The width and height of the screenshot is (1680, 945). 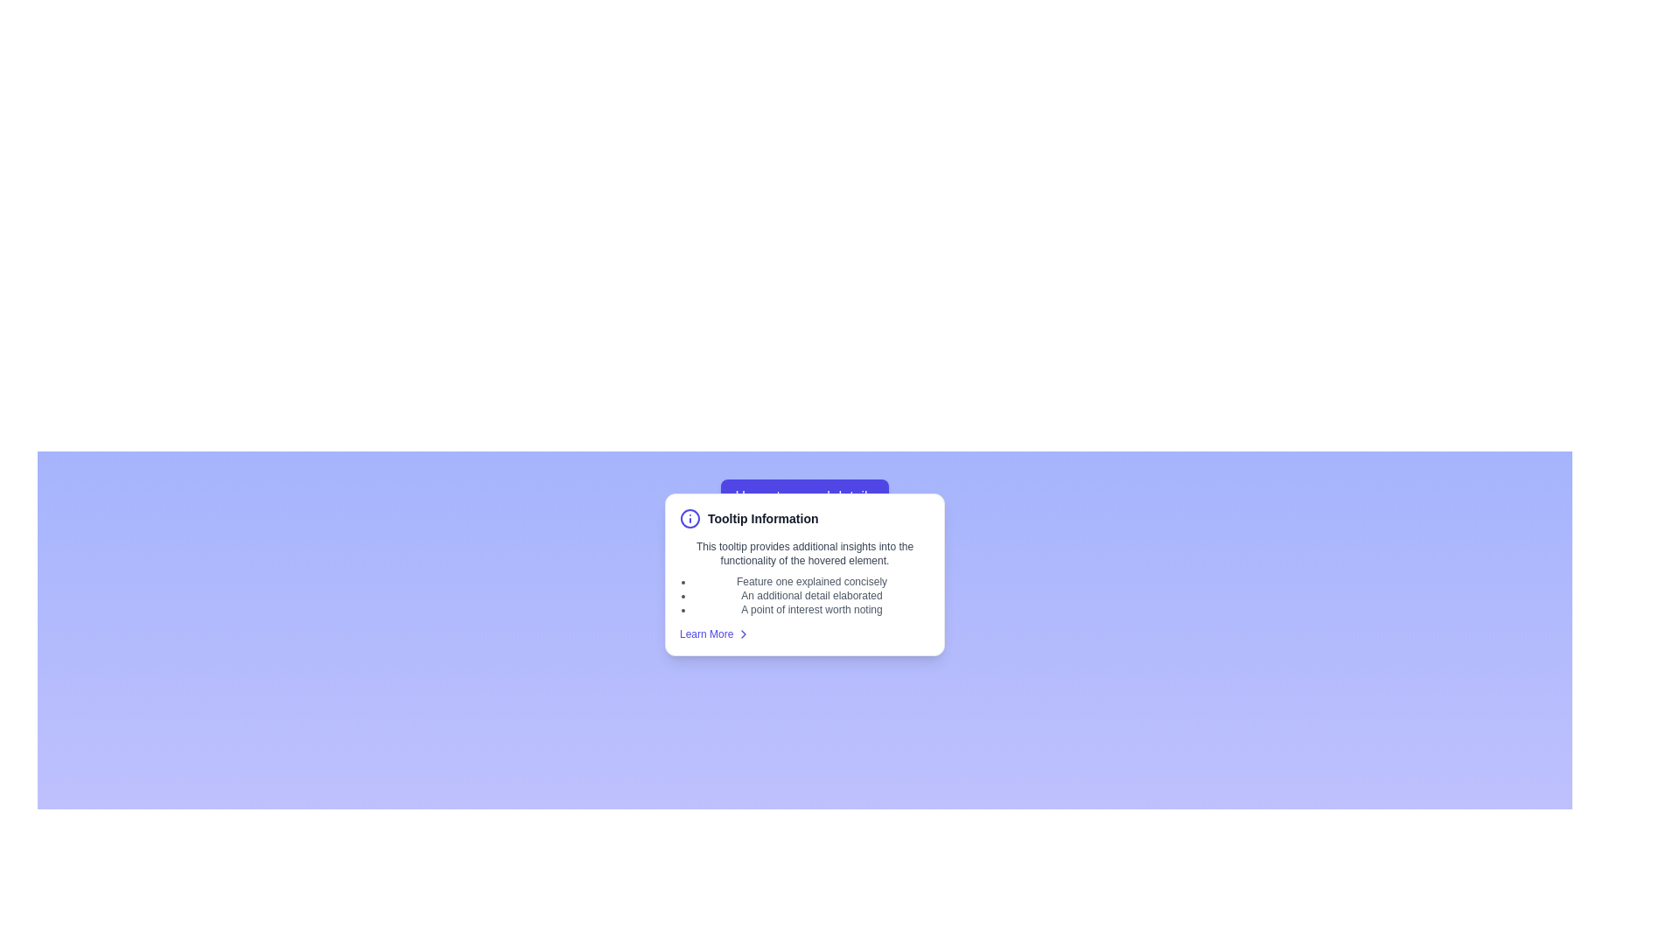 What do you see at coordinates (810, 581) in the screenshot?
I see `the text item that says 'Feature one explained concisely', which is the first bullet point in a tooltip-like box` at bounding box center [810, 581].